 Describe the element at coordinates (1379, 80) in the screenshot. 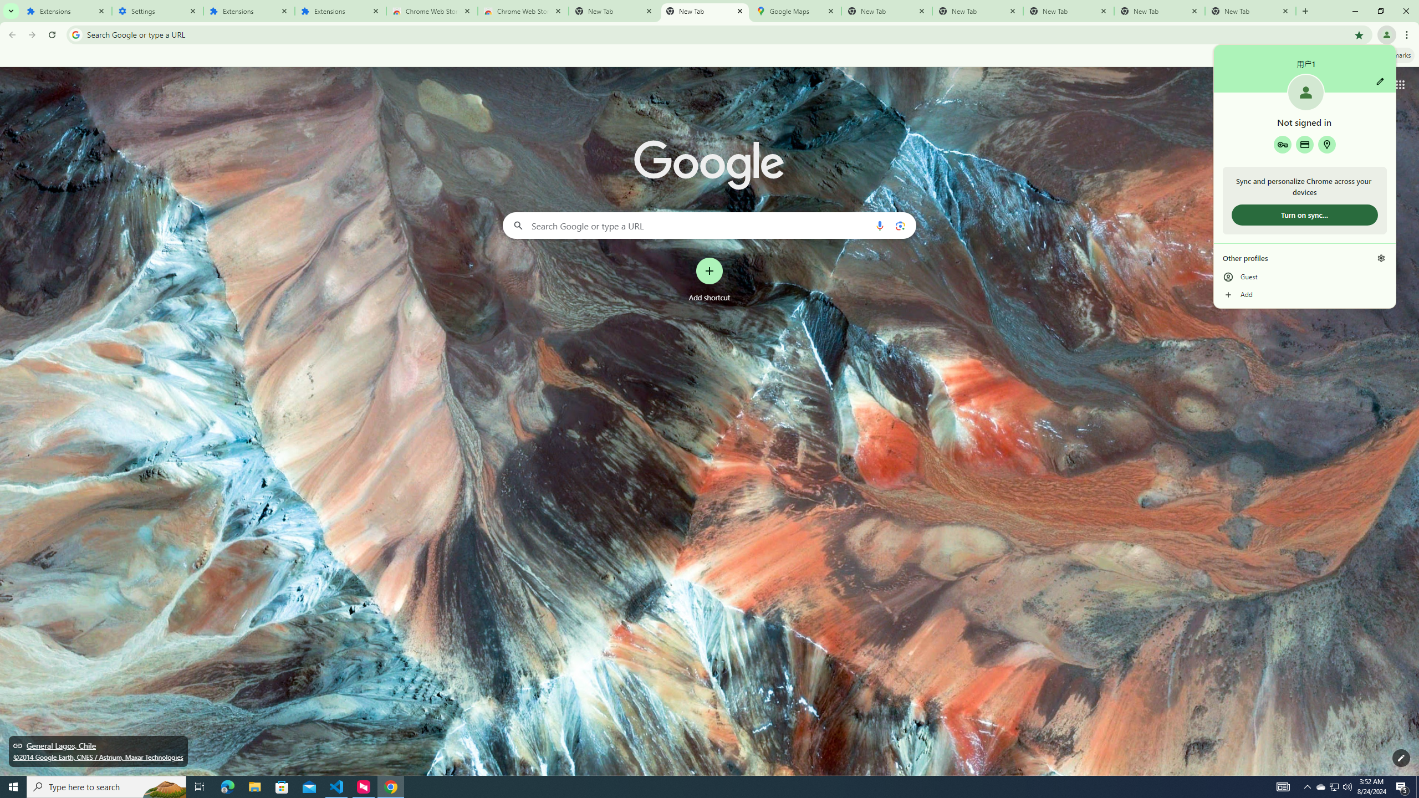

I see `'Customize profile'` at that location.